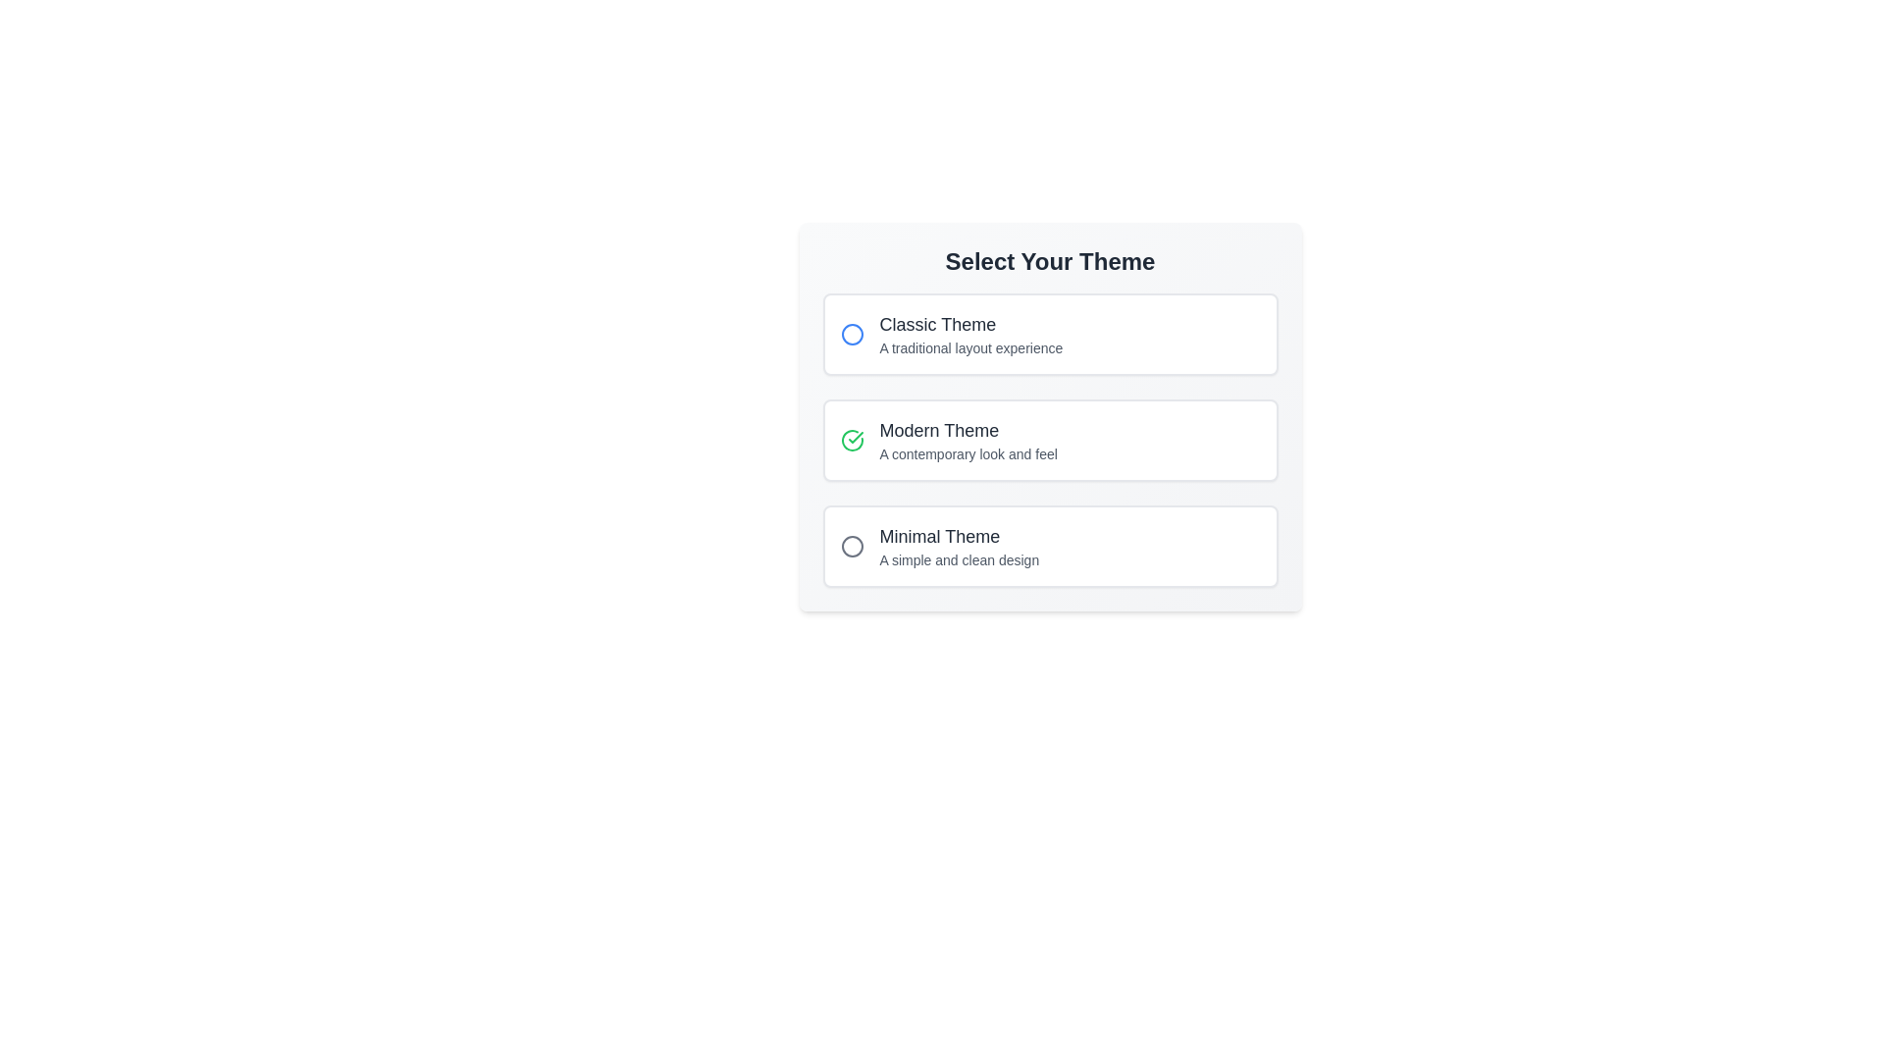 The image size is (1884, 1060). I want to click on the textual label that presents the title and description of the 'Minimal Theme' option in the theme selection list, so click(959, 546).